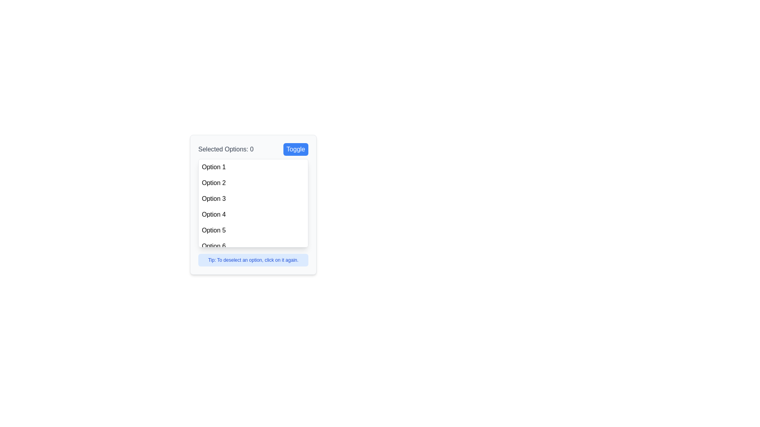  What do you see at coordinates (253, 230) in the screenshot?
I see `to select the fifth option in the dropdown menu, positioned below 'Option 4' and above 'Option 6'` at bounding box center [253, 230].